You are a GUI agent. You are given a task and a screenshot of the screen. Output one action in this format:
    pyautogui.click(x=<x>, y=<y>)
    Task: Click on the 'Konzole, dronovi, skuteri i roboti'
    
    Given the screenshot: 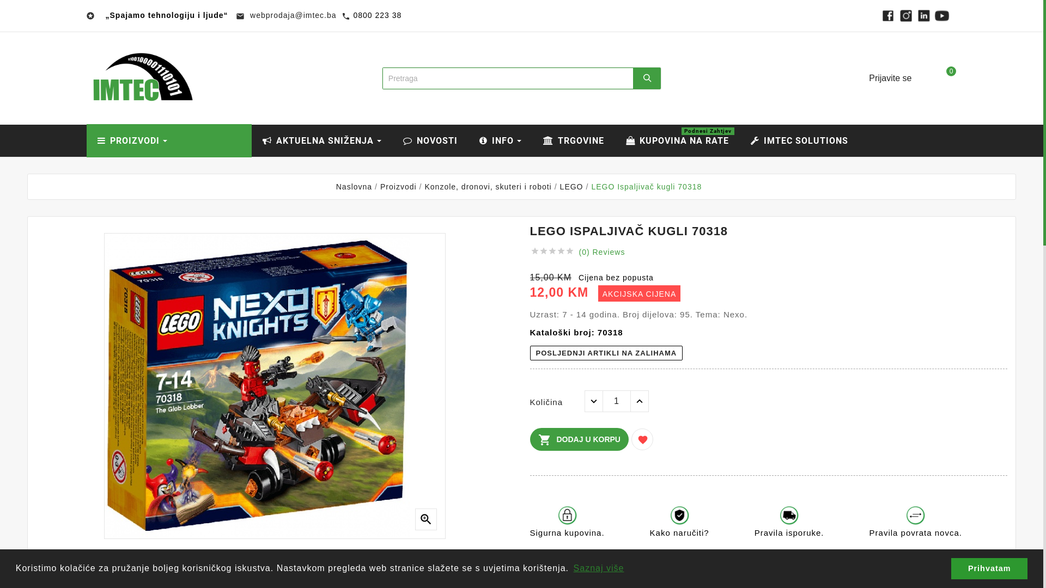 What is the action you would take?
    pyautogui.click(x=487, y=186)
    